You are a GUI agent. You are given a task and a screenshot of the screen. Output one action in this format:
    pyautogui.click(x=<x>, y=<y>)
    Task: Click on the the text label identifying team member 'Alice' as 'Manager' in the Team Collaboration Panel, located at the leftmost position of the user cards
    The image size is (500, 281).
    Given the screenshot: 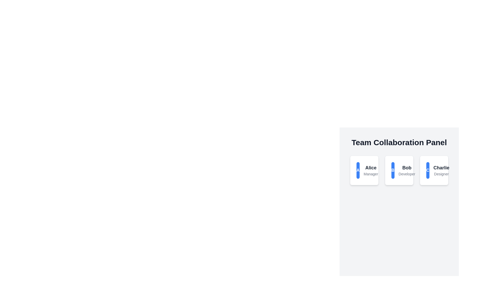 What is the action you would take?
    pyautogui.click(x=371, y=170)
    